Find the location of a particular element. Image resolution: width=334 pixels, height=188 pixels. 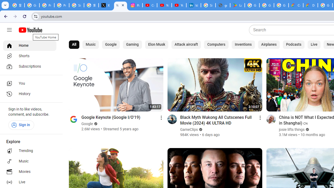

'Customer Care | Google Cloud' is located at coordinates (296, 5).